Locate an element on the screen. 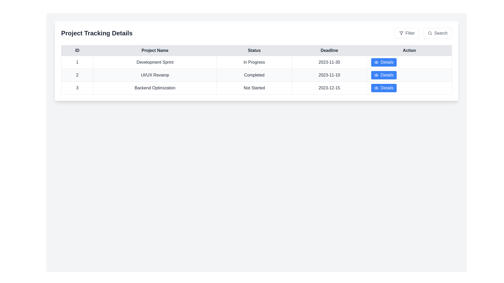  the Icon that indicates the action of viewing or revealing details, located to the left of the 'Details' text in the second row of the table is located at coordinates (376, 75).